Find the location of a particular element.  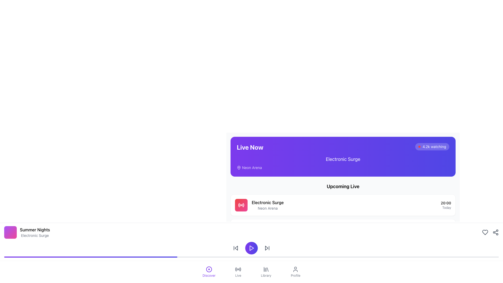

the 'skip back' button located in the control bar section, adjacent to the playback controls, immediately to the left of the play button is located at coordinates (236, 248).